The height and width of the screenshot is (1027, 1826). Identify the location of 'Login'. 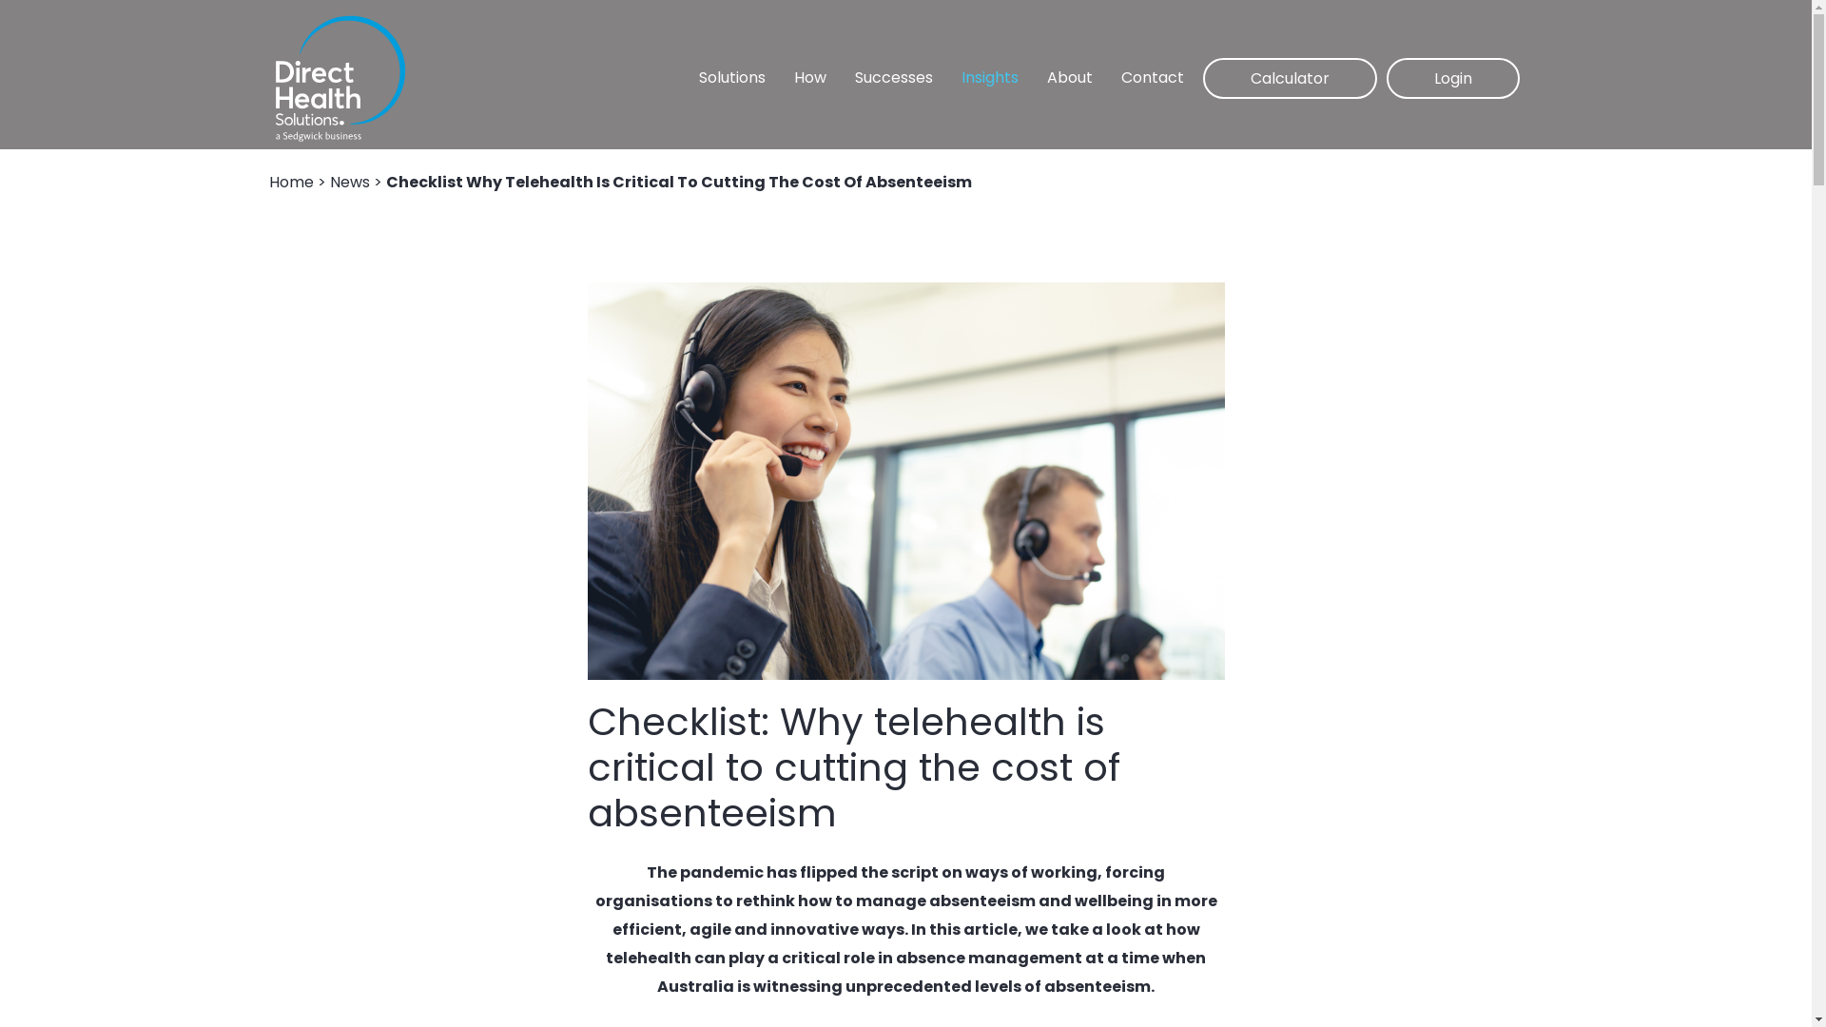
(1451, 76).